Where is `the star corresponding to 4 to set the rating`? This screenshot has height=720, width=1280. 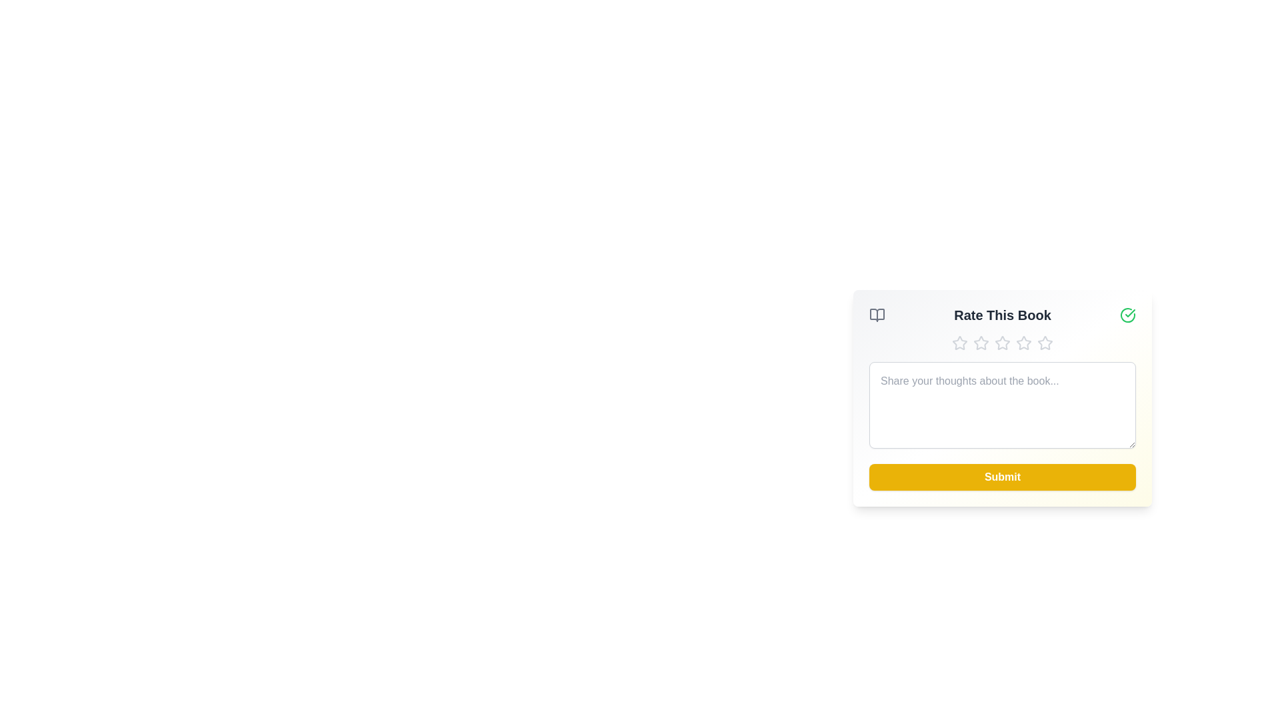 the star corresponding to 4 to set the rating is located at coordinates (1023, 343).